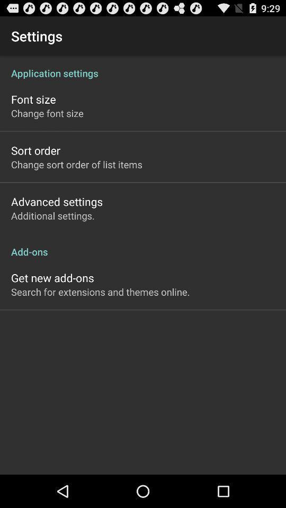 The height and width of the screenshot is (508, 286). Describe the element at coordinates (52, 277) in the screenshot. I see `the app above search for extensions icon` at that location.